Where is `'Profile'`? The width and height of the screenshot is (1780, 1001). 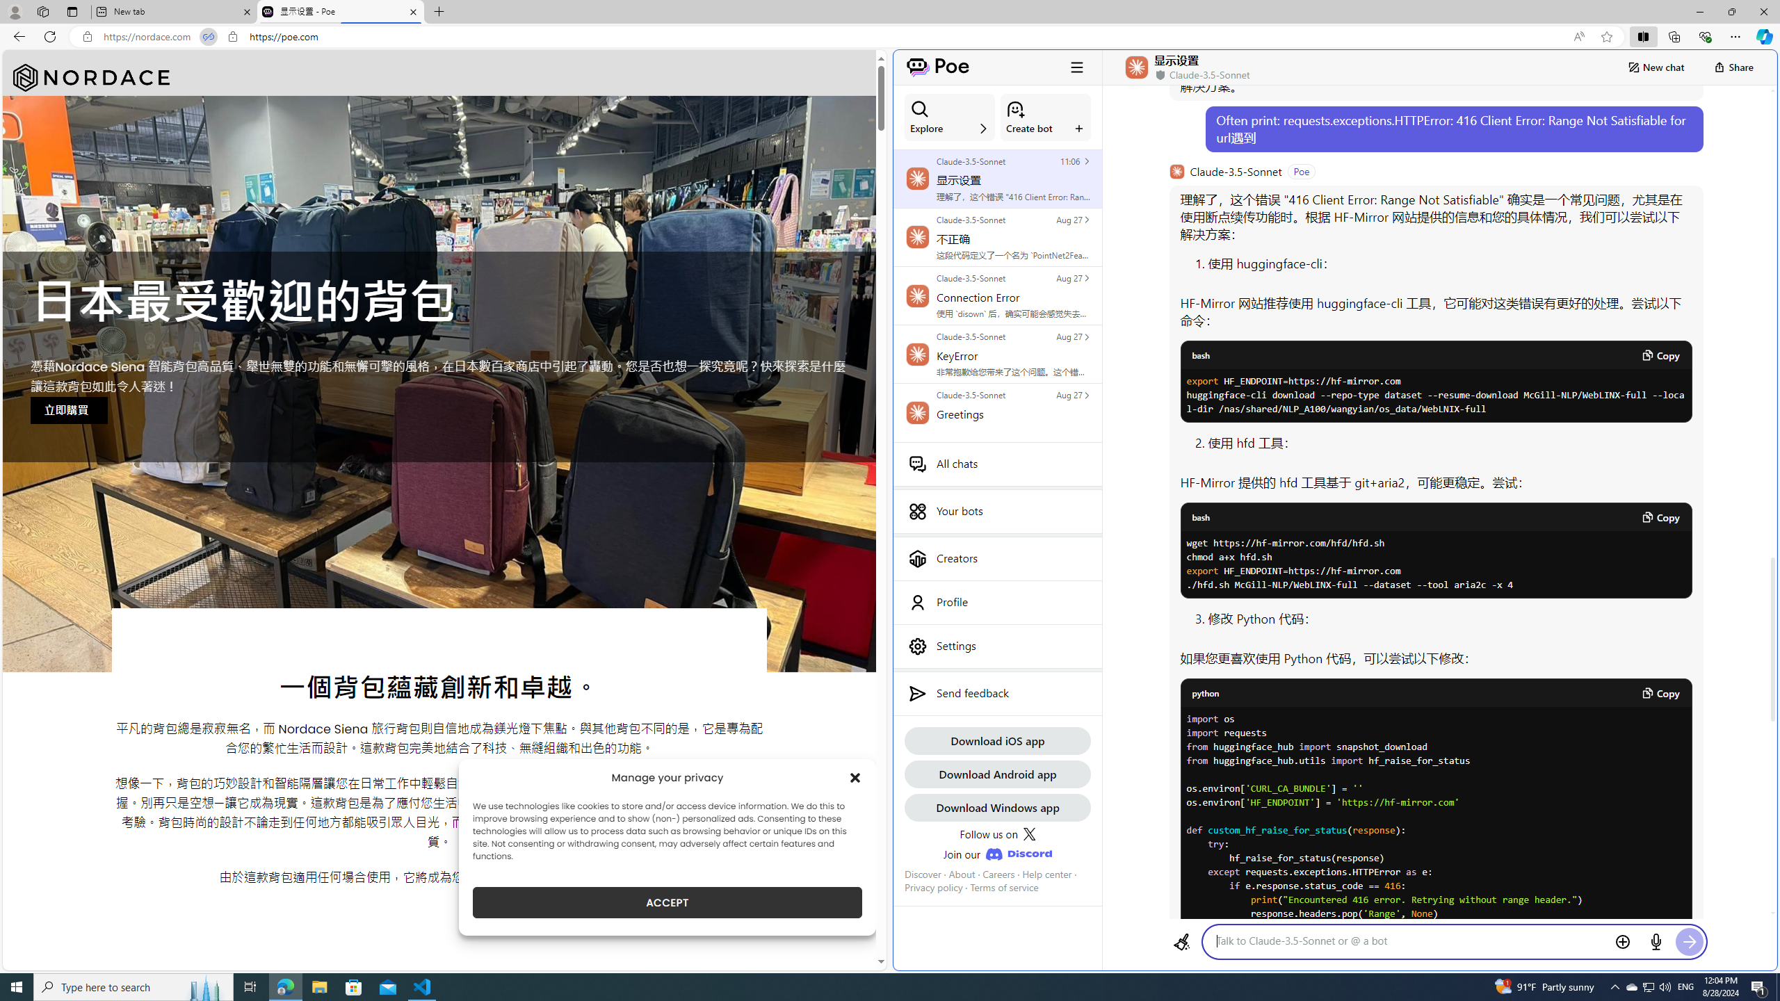 'Profile' is located at coordinates (997, 601).